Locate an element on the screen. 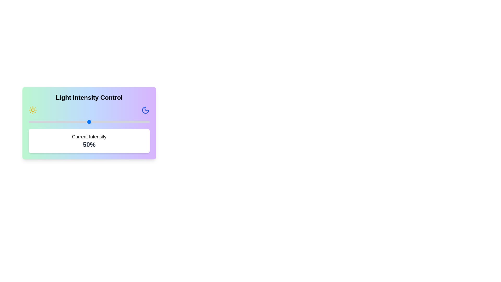  the light intensity is located at coordinates (88, 122).